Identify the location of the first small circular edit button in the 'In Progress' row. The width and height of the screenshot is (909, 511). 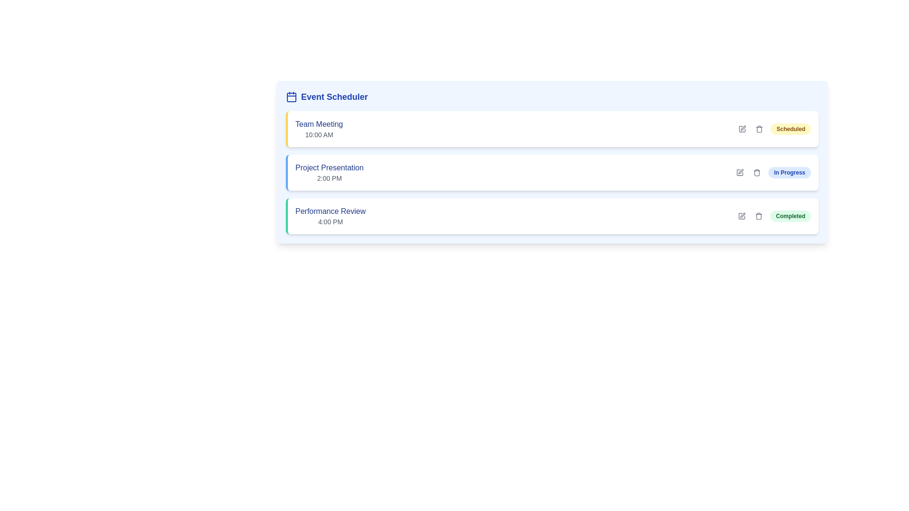
(739, 173).